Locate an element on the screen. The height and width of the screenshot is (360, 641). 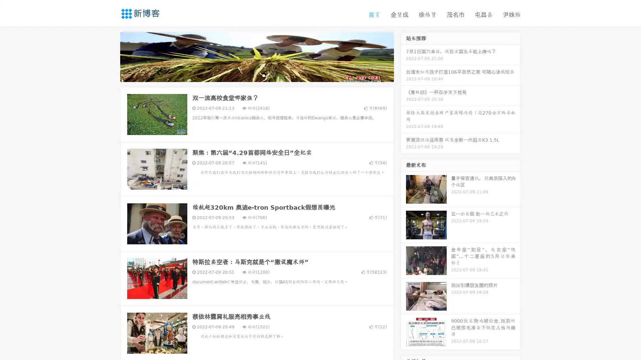
Go to slide 3 is located at coordinates (263, 75).